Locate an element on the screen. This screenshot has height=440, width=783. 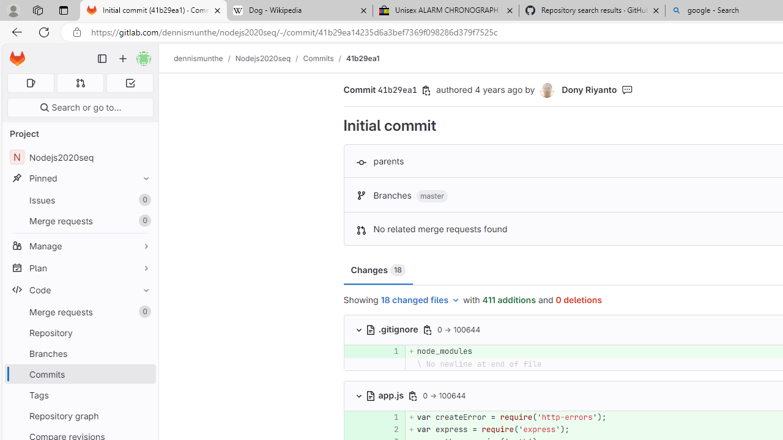
'Unpin Merge requests' is located at coordinates (143, 311).